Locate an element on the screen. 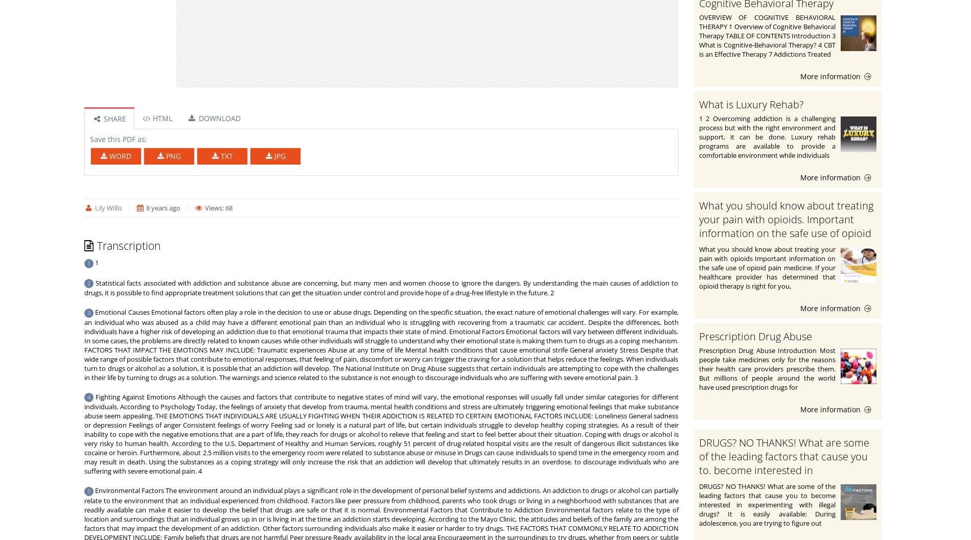 This screenshot has height=540, width=971. 'DRUGS? NO THANKS! What are some of the leading factors that cause you to. become interested in experimenting with illegal drugs?' is located at coordinates (783, 462).